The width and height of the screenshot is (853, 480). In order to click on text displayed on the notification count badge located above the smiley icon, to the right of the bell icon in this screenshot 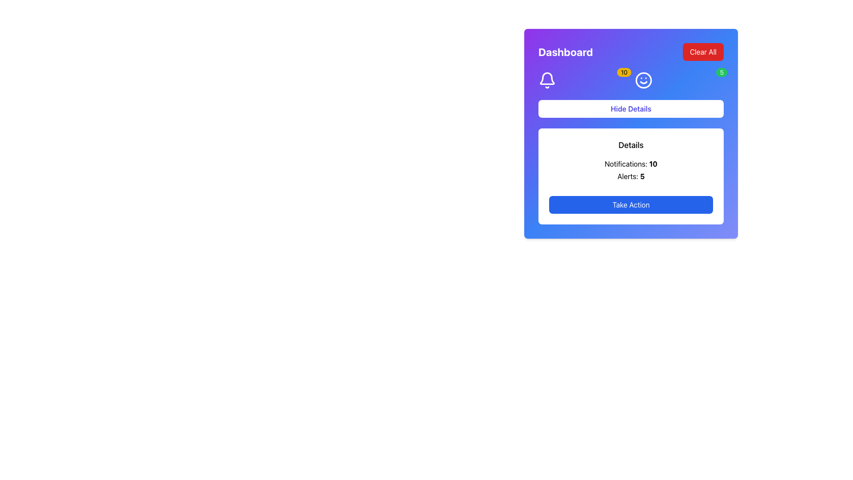, I will do `click(630, 80)`.